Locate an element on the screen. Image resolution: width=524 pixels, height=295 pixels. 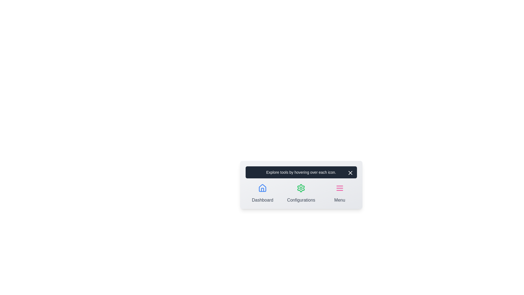
the 'Dashboard' text label, which is displayed in medium gray color and positioned below the house icon is located at coordinates (263, 200).